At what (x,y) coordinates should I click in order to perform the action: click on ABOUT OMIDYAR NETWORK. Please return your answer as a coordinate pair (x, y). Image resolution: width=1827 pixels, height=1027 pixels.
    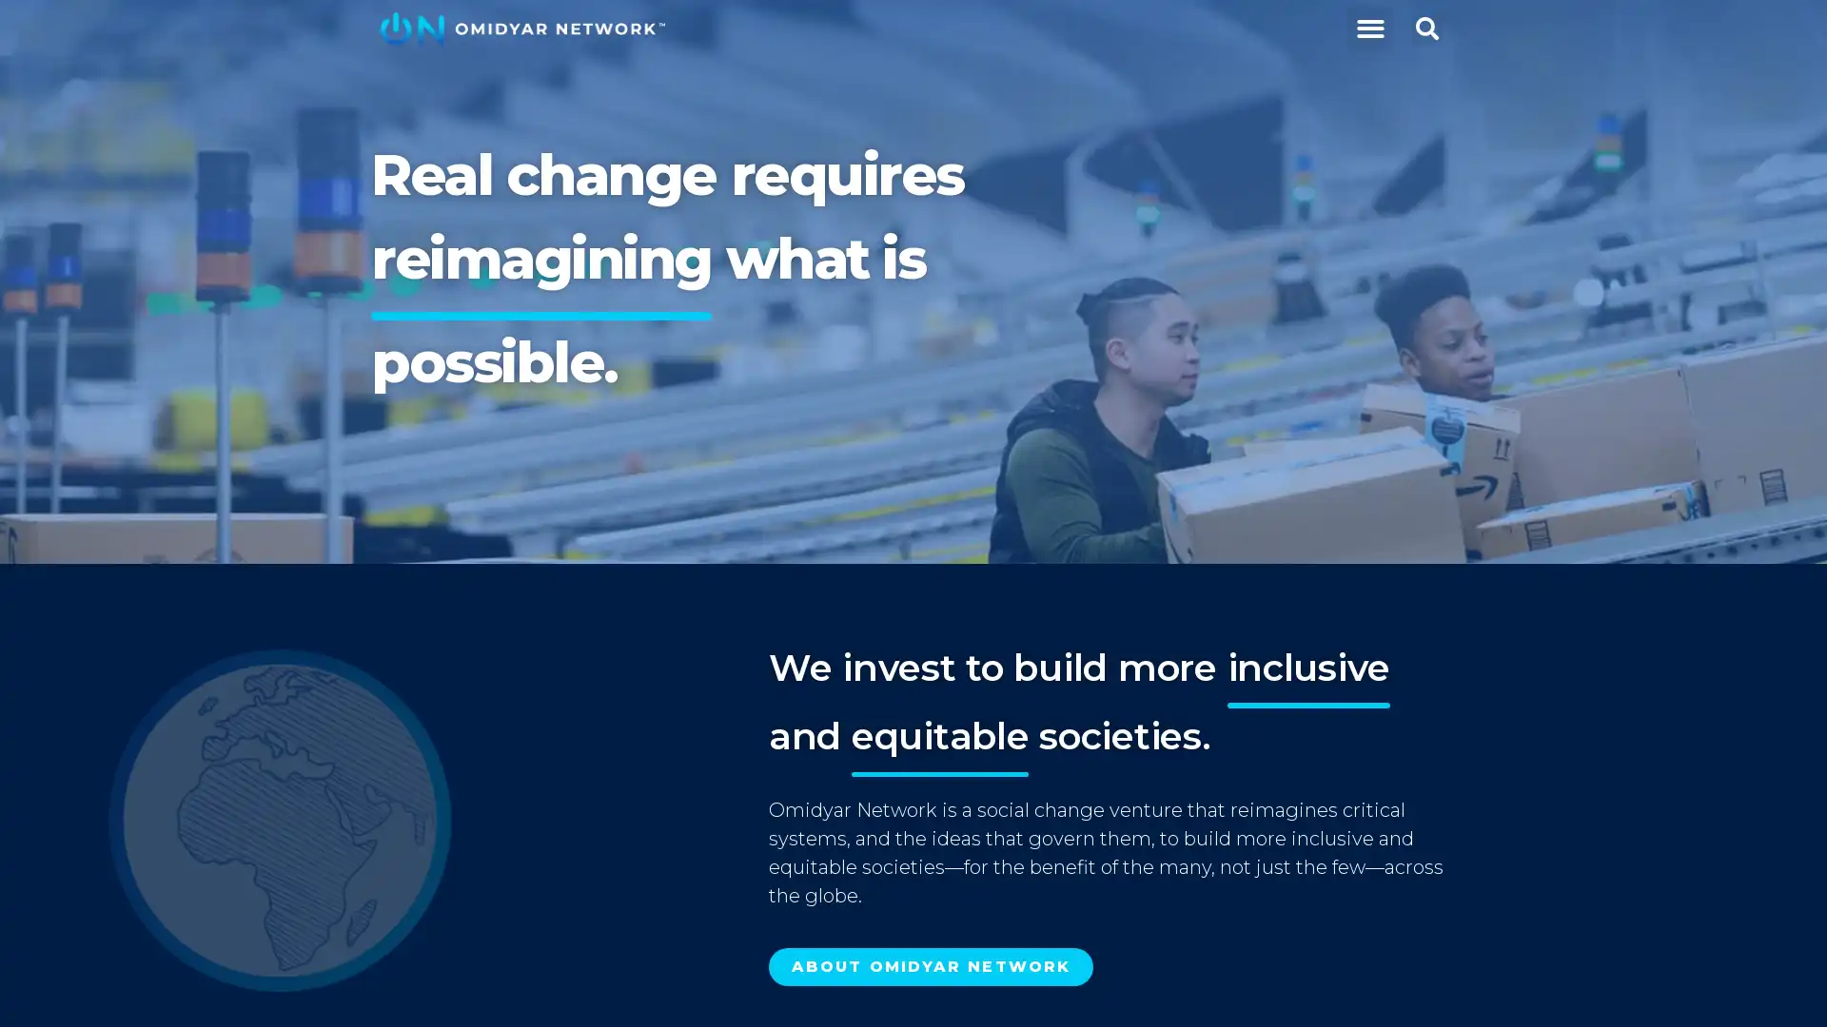
    Looking at the image, I should click on (931, 967).